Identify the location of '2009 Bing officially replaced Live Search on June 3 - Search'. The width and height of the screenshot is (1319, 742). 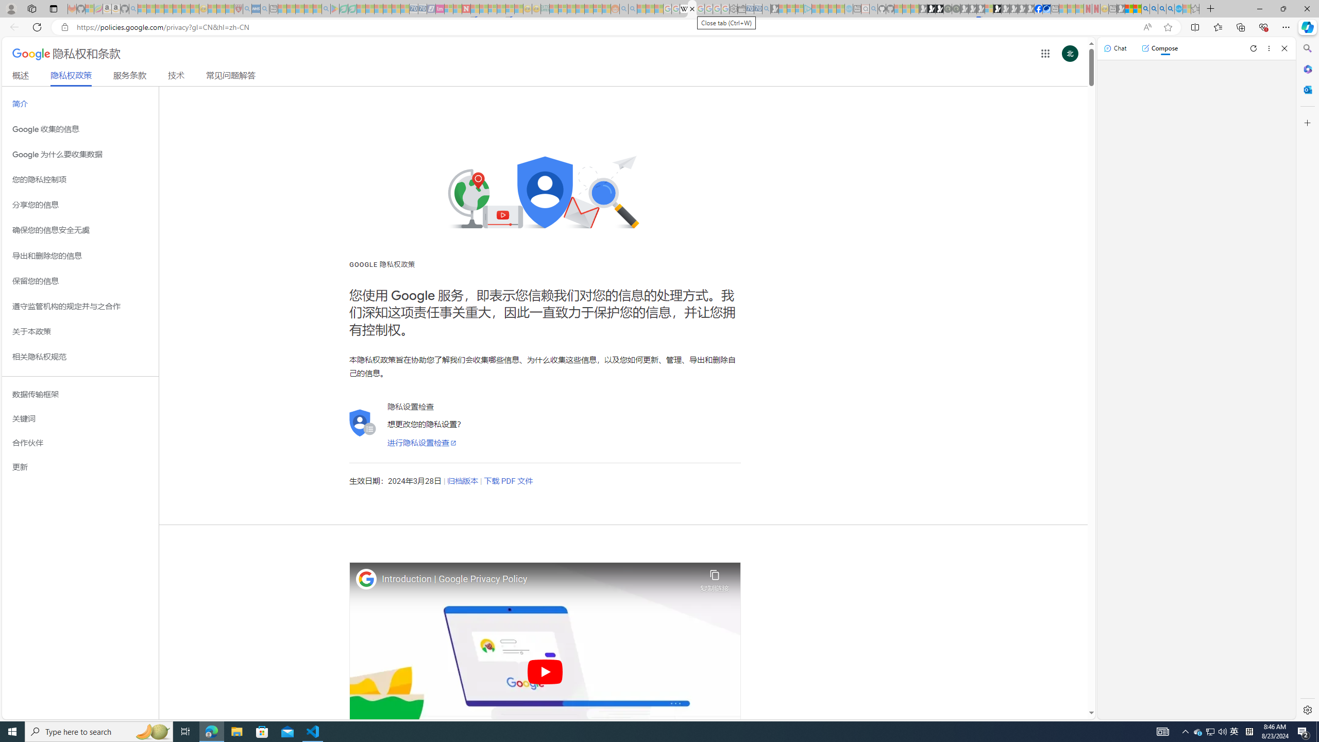
(1153, 8).